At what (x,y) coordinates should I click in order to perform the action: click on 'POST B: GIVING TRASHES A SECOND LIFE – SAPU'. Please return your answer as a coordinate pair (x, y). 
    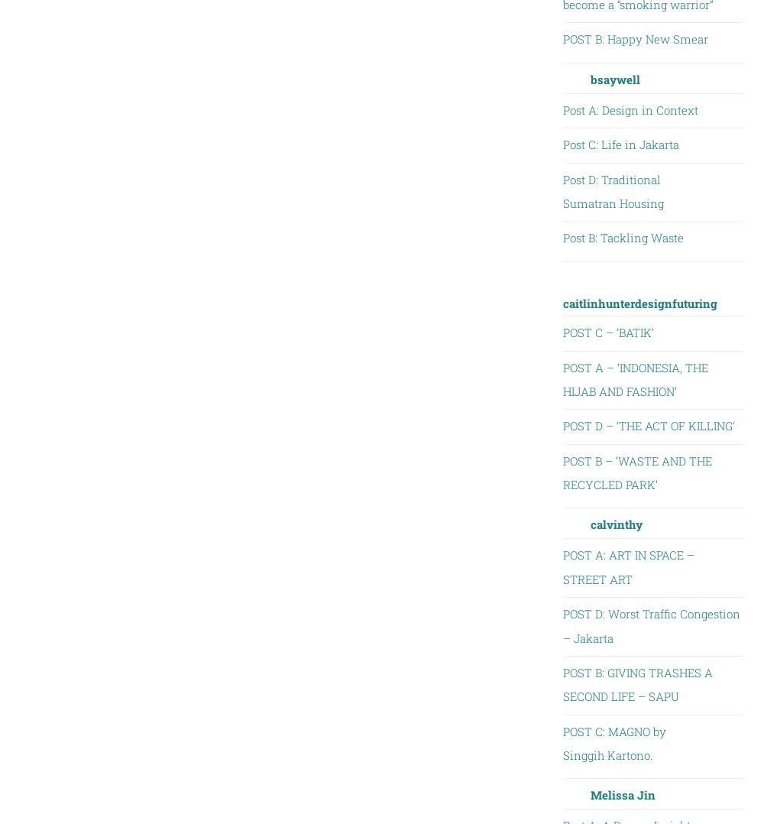
    Looking at the image, I should click on (636, 683).